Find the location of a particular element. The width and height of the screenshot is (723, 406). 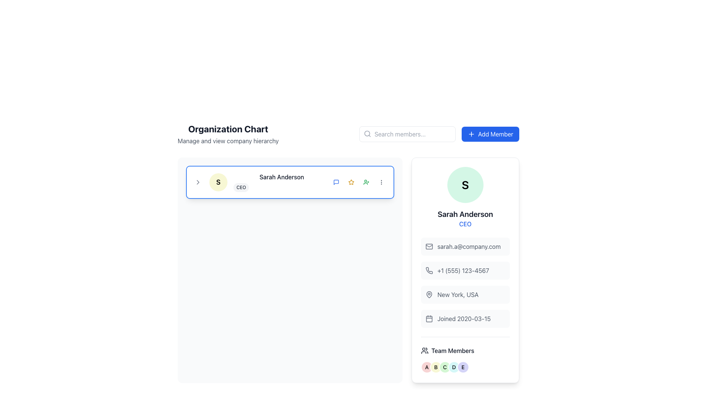

the pin icon located under the 'Location' field in the secondary information section on the right side of the interface is located at coordinates (429, 294).